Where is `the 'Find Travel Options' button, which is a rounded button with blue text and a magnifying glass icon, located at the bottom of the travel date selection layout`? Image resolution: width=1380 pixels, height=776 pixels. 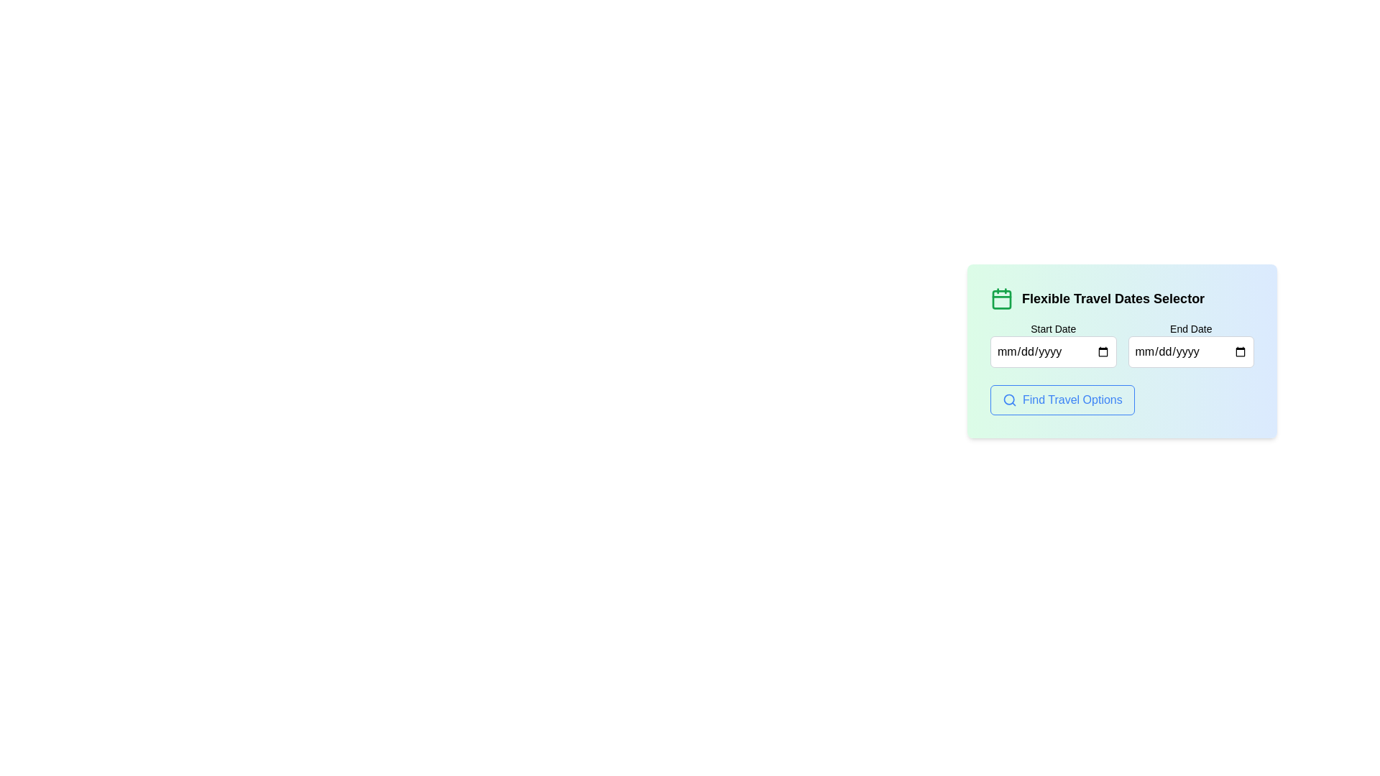
the 'Find Travel Options' button, which is a rounded button with blue text and a magnifying glass icon, located at the bottom of the travel date selection layout is located at coordinates (1121, 399).